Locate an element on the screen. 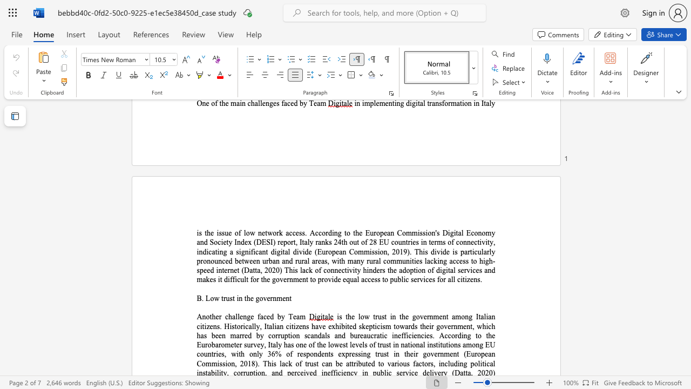 The width and height of the screenshot is (691, 389). the 1th character "y" in the text is located at coordinates (283, 316).